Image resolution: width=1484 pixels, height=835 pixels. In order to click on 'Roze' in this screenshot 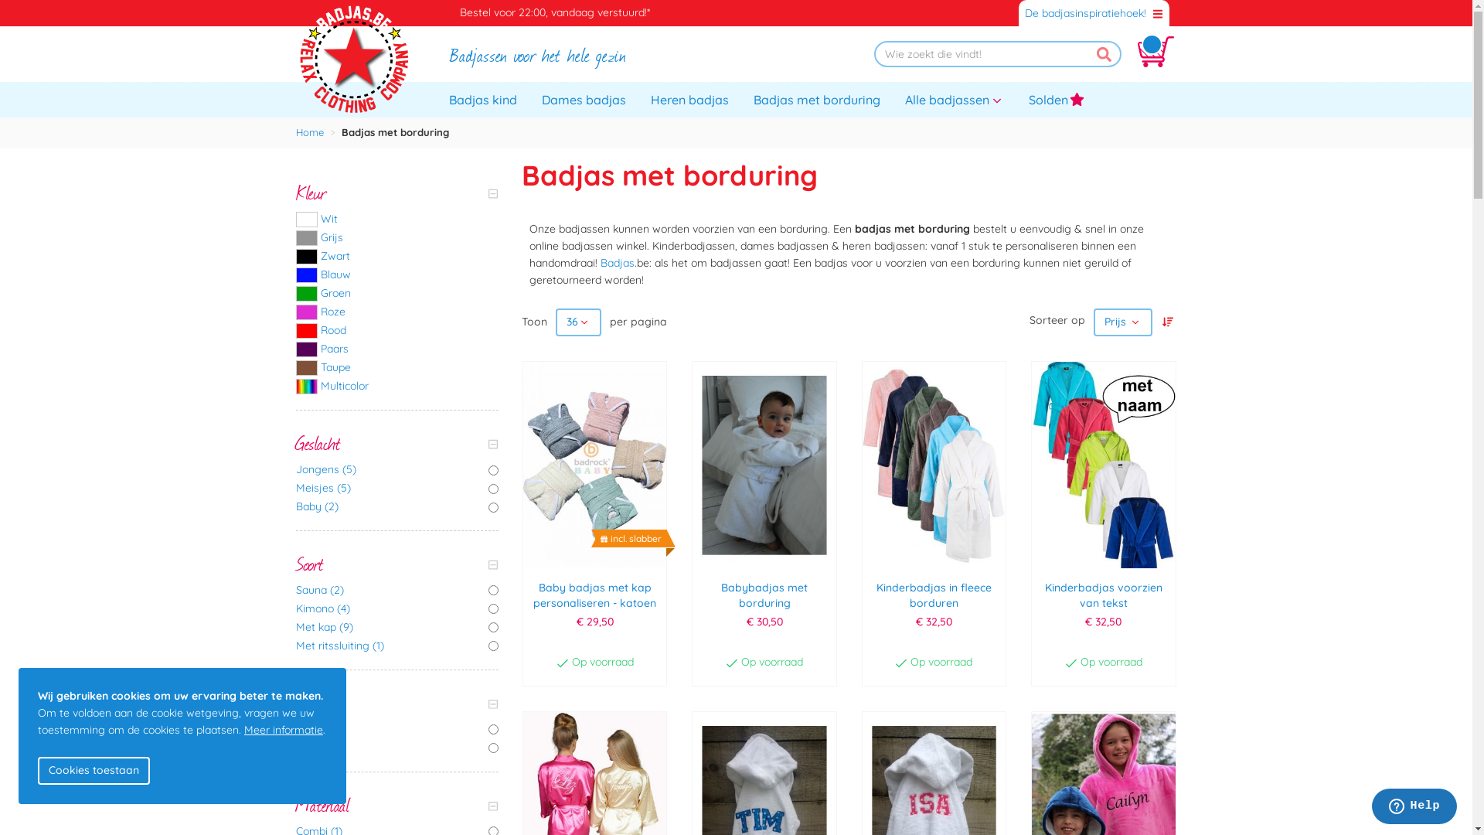, I will do `click(397, 312)`.